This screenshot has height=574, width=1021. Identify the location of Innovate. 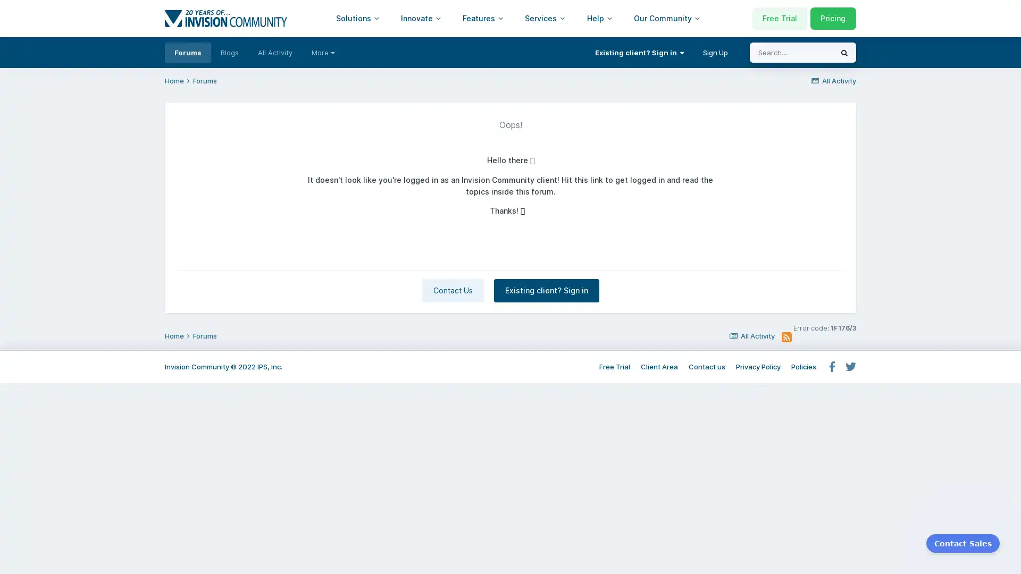
(421, 18).